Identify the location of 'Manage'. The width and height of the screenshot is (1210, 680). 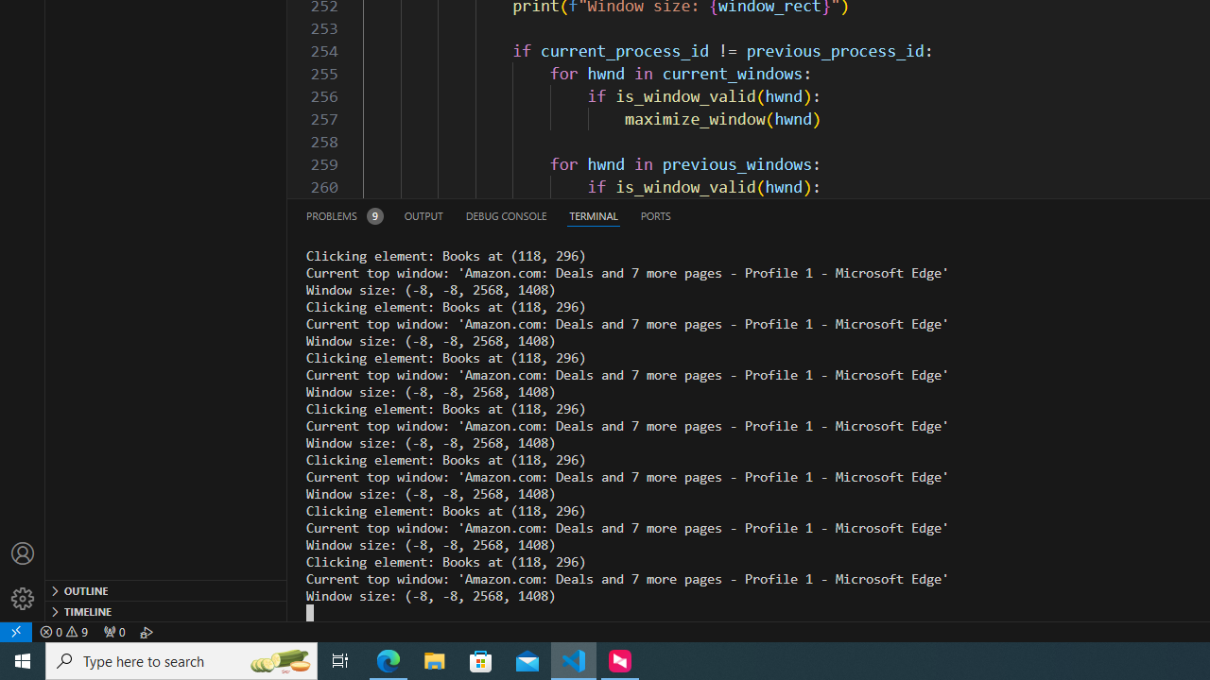
(23, 575).